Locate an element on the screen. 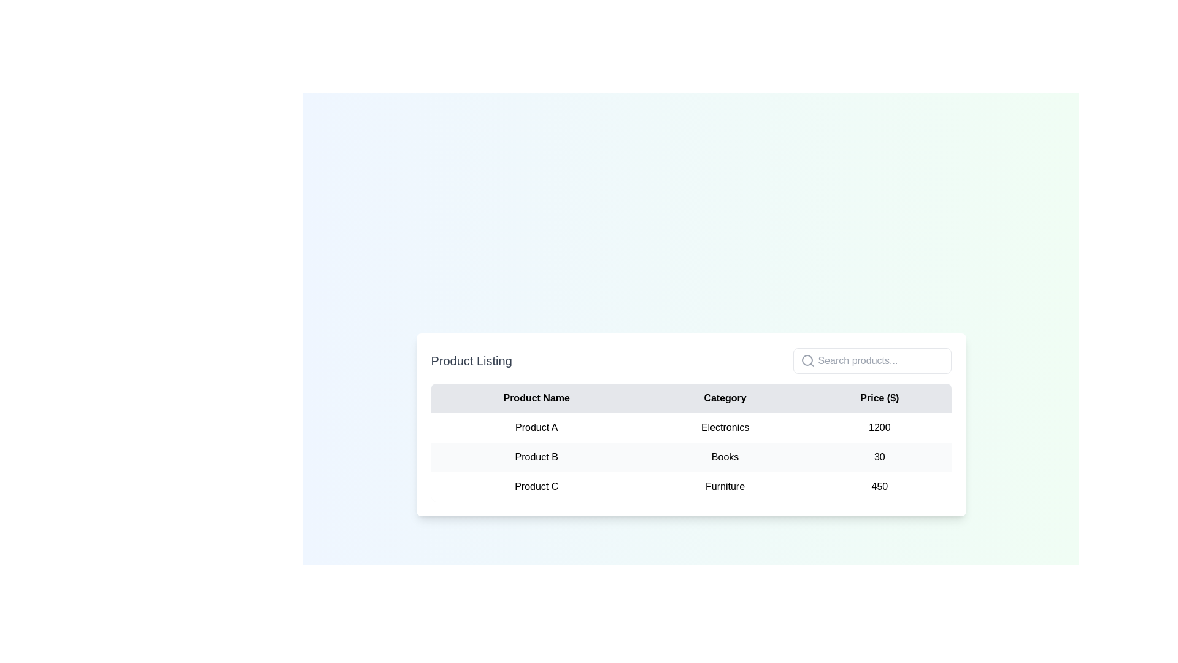  text label displaying 'Books' in the 'Category' column under 'Product B' is located at coordinates (725, 457).